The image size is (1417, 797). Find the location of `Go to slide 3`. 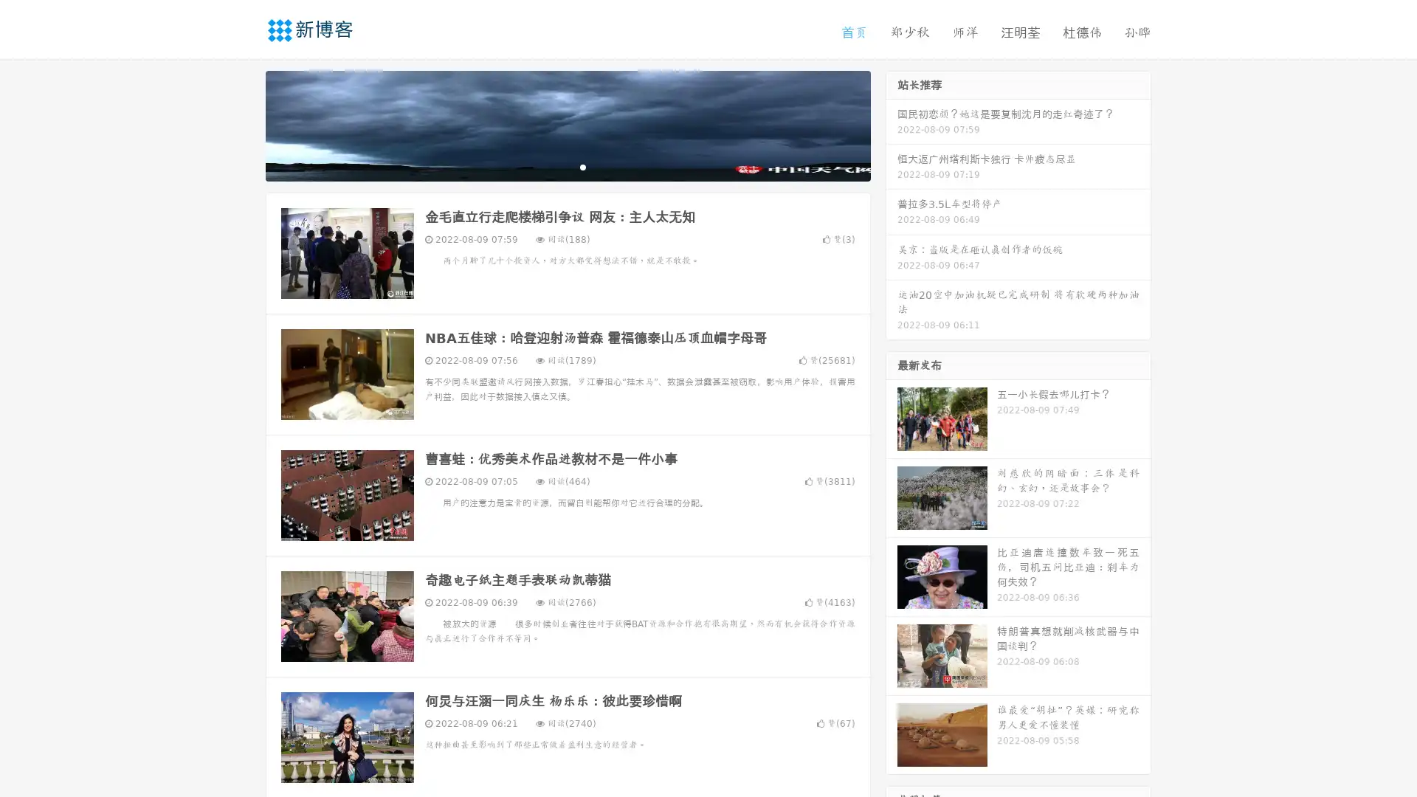

Go to slide 3 is located at coordinates (582, 166).